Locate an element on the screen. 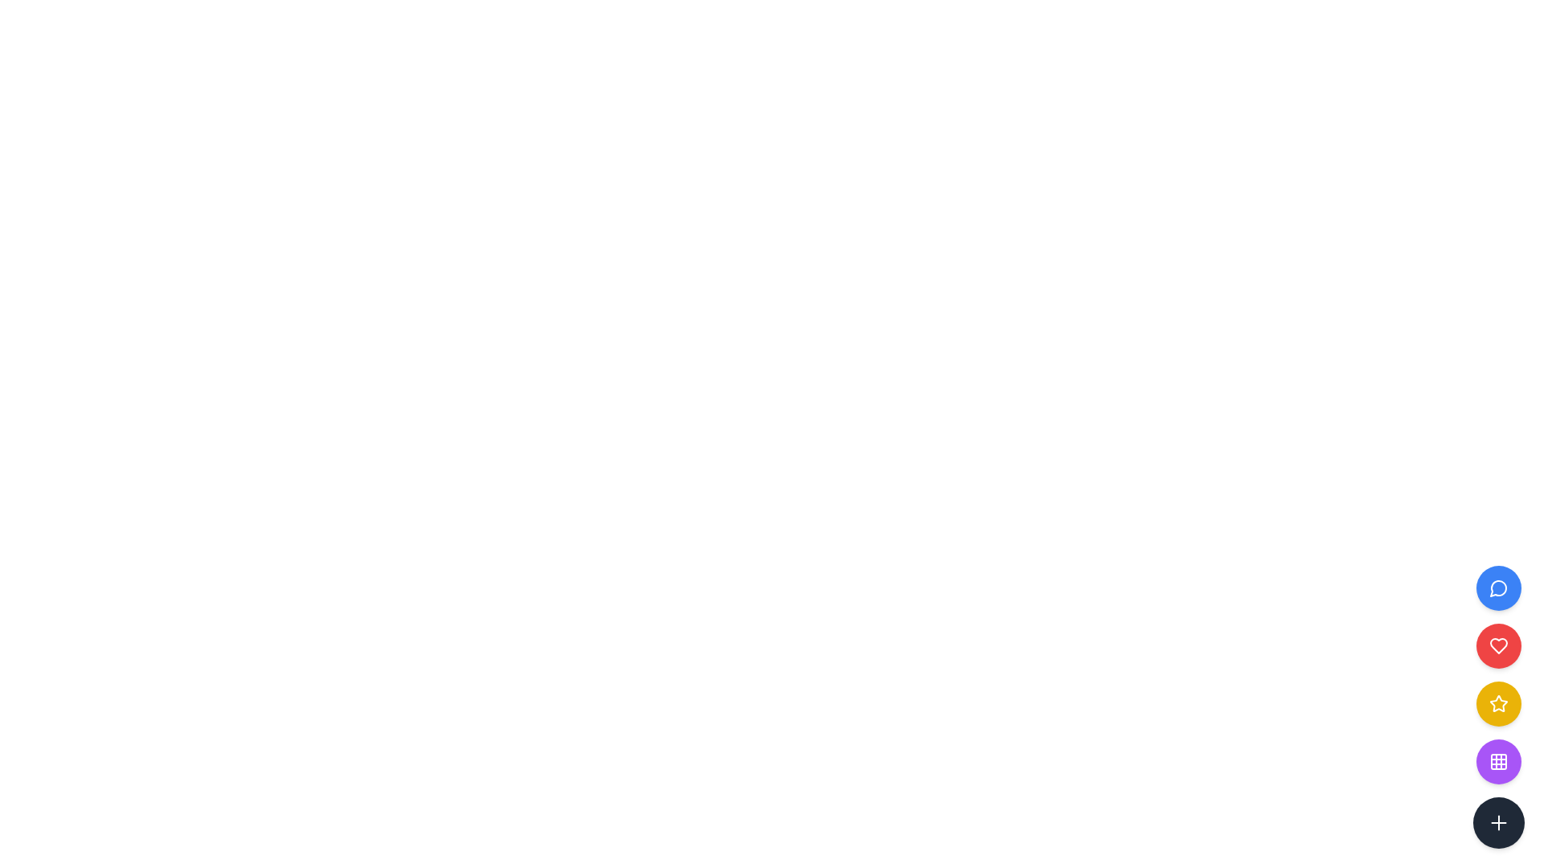 Image resolution: width=1544 pixels, height=868 pixels. the close or cancellation icon located at the bottom-right corner of the interface, which is part of a black circular button with stacked buttons above it, if it is interactive is located at coordinates (1497, 821).